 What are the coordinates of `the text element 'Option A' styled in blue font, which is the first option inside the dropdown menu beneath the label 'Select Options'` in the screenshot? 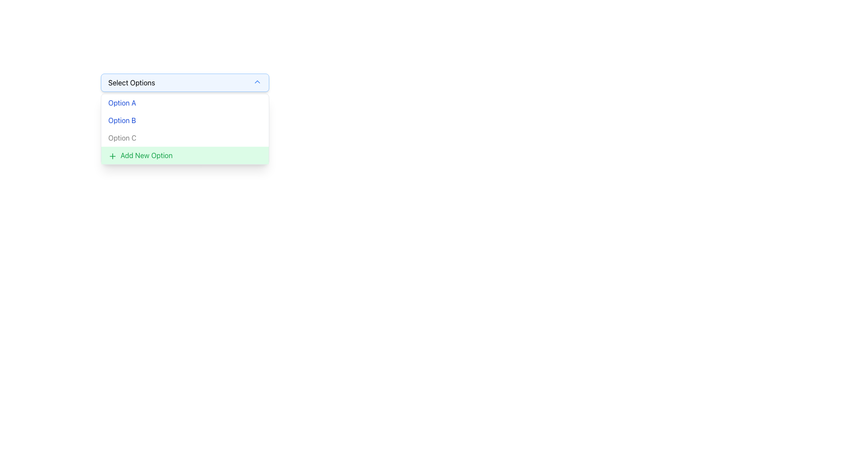 It's located at (121, 102).